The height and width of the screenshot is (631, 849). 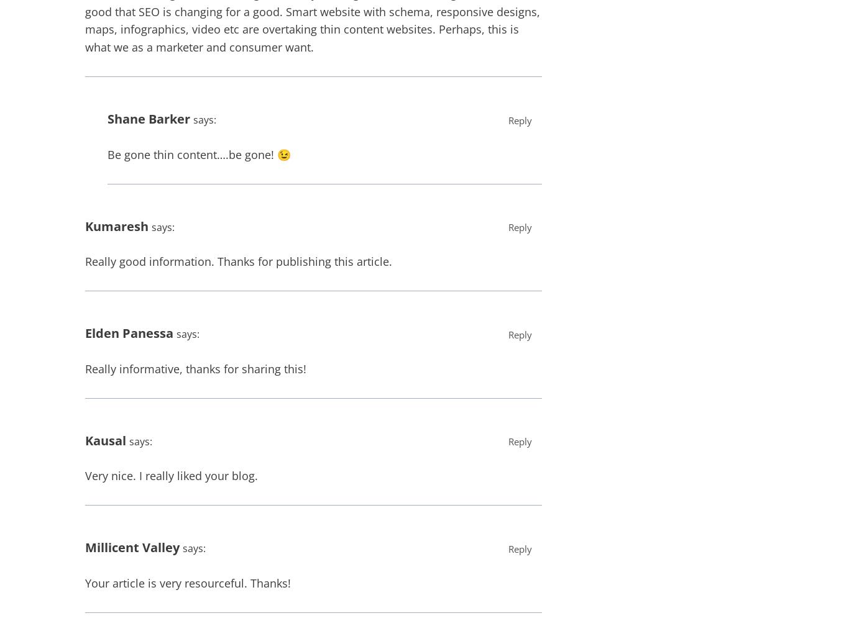 What do you see at coordinates (131, 547) in the screenshot?
I see `'Millicent Valley'` at bounding box center [131, 547].